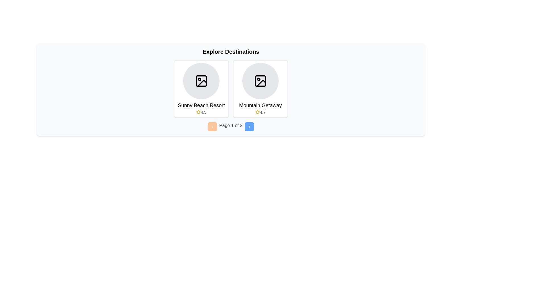  Describe the element at coordinates (212, 126) in the screenshot. I see `the backward navigation button located to the left of 'Page 1 of 2' in the pagination controls` at that location.